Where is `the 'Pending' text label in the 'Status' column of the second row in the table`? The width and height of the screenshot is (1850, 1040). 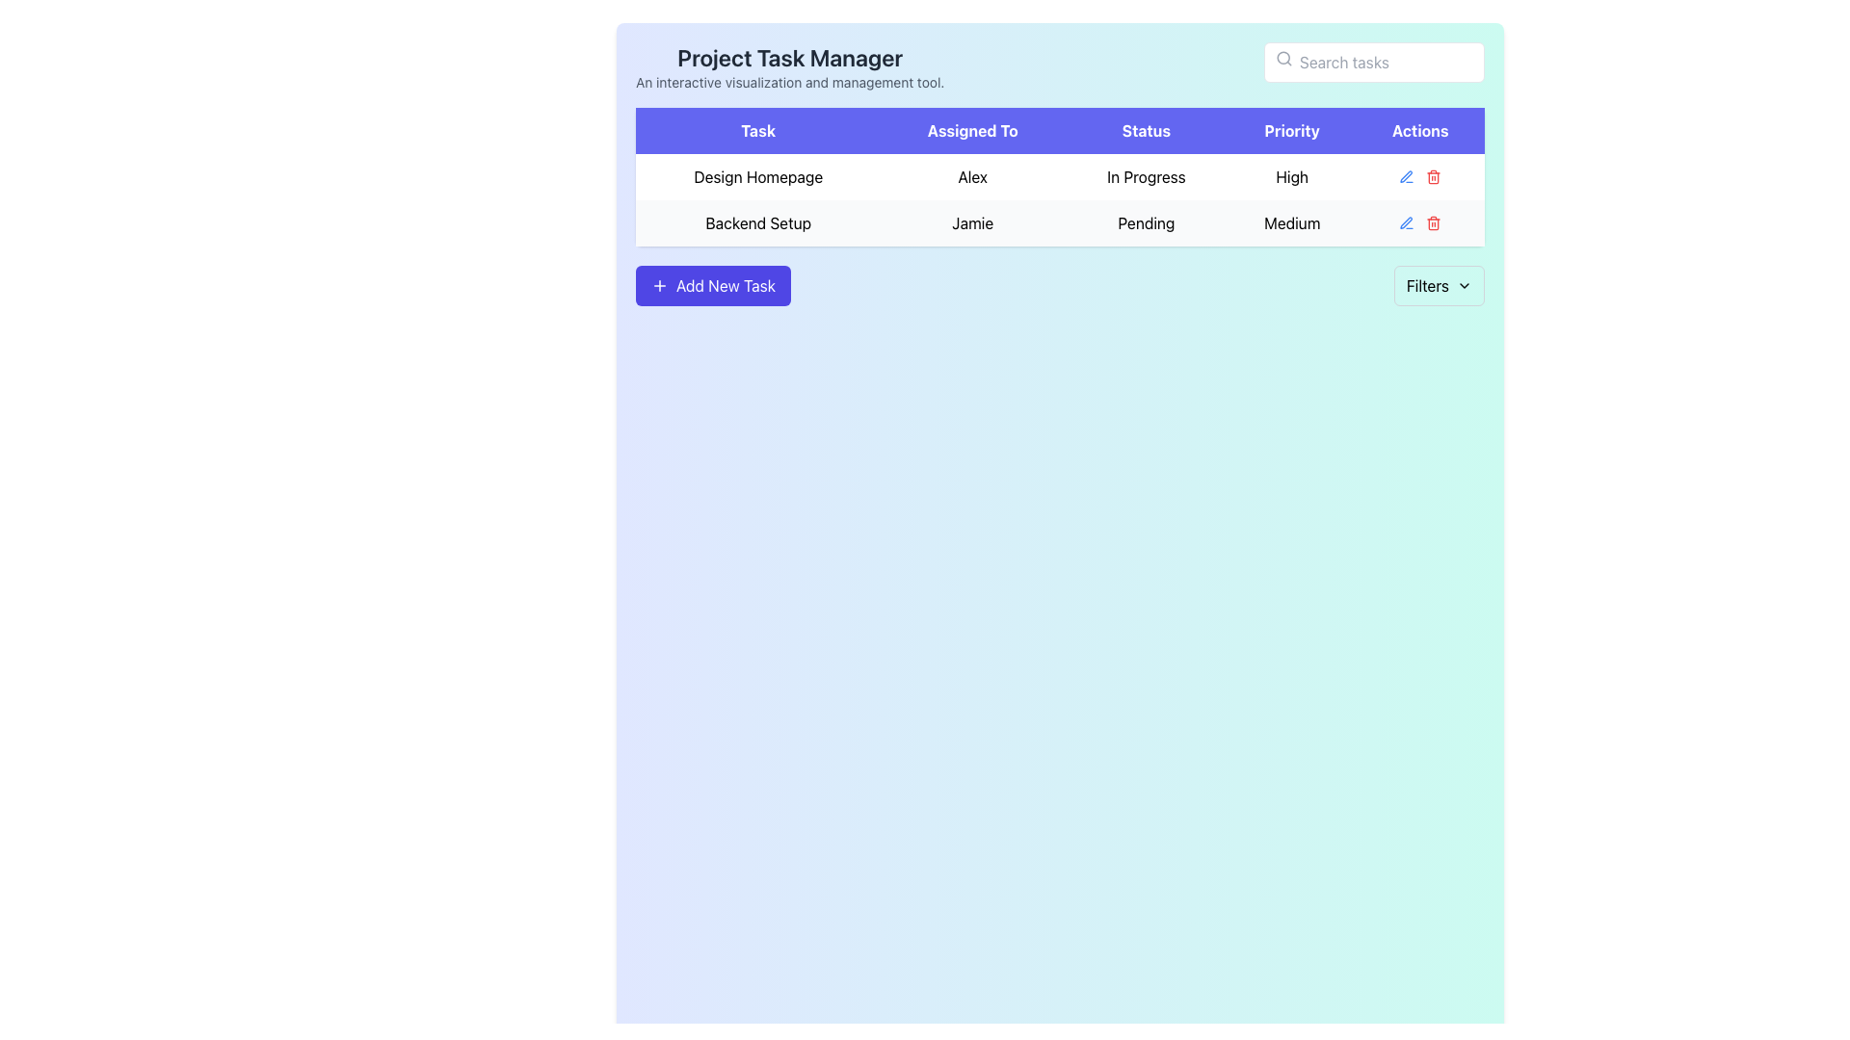
the 'Pending' text label in the 'Status' column of the second row in the table is located at coordinates (1146, 221).